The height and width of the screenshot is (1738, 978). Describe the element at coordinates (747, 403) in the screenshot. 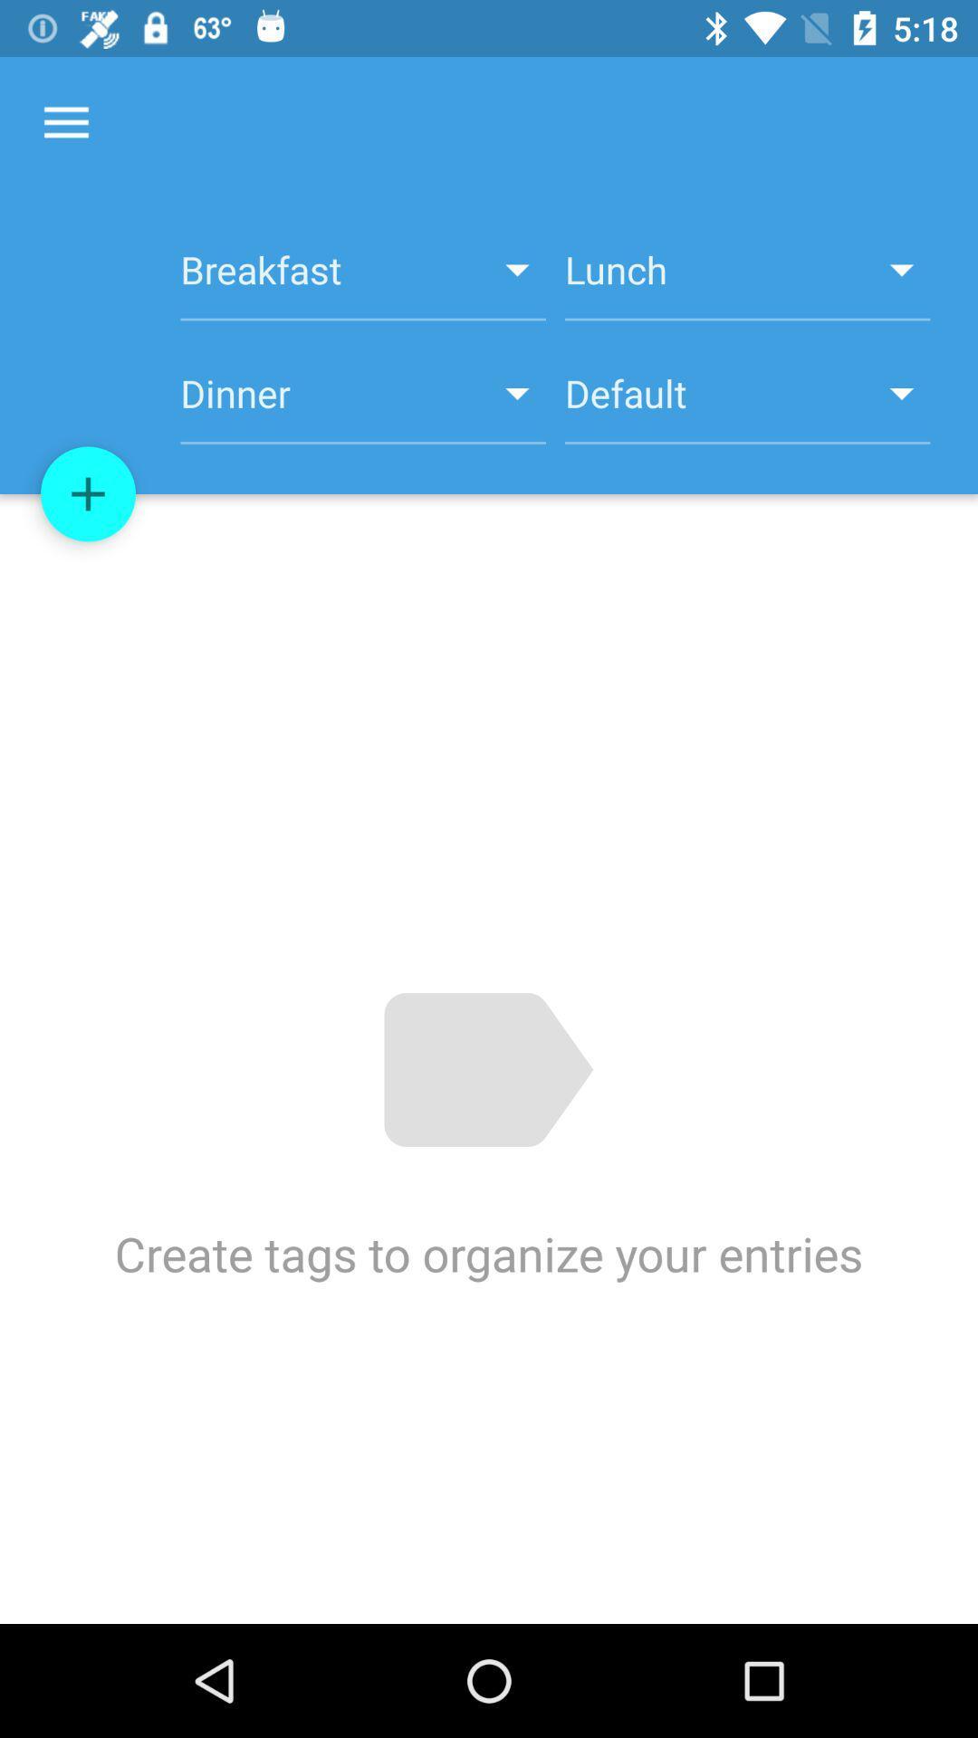

I see `the item below breakfast` at that location.